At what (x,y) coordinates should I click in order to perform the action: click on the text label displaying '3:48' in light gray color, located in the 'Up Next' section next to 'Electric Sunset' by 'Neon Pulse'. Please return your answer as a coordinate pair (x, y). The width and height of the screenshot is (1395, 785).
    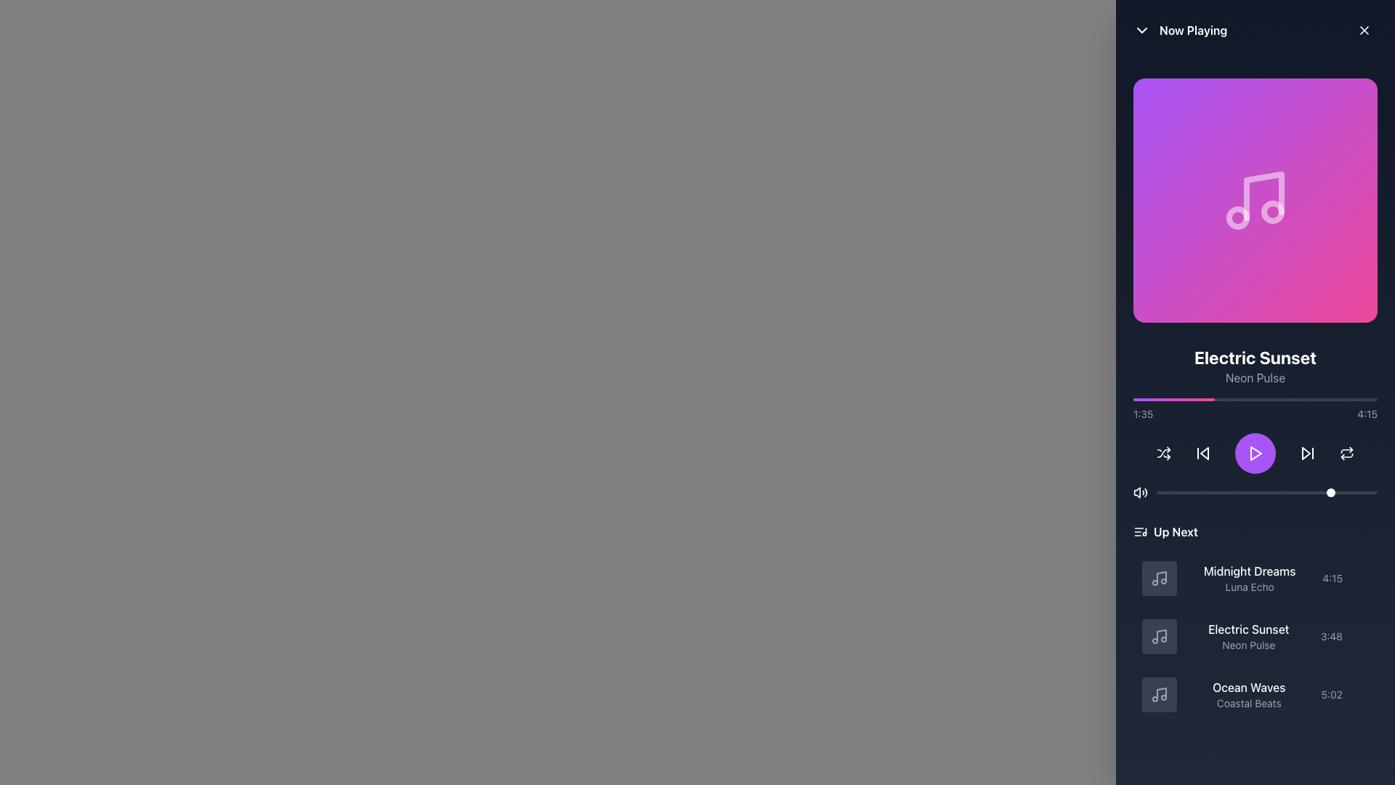
    Looking at the image, I should click on (1331, 635).